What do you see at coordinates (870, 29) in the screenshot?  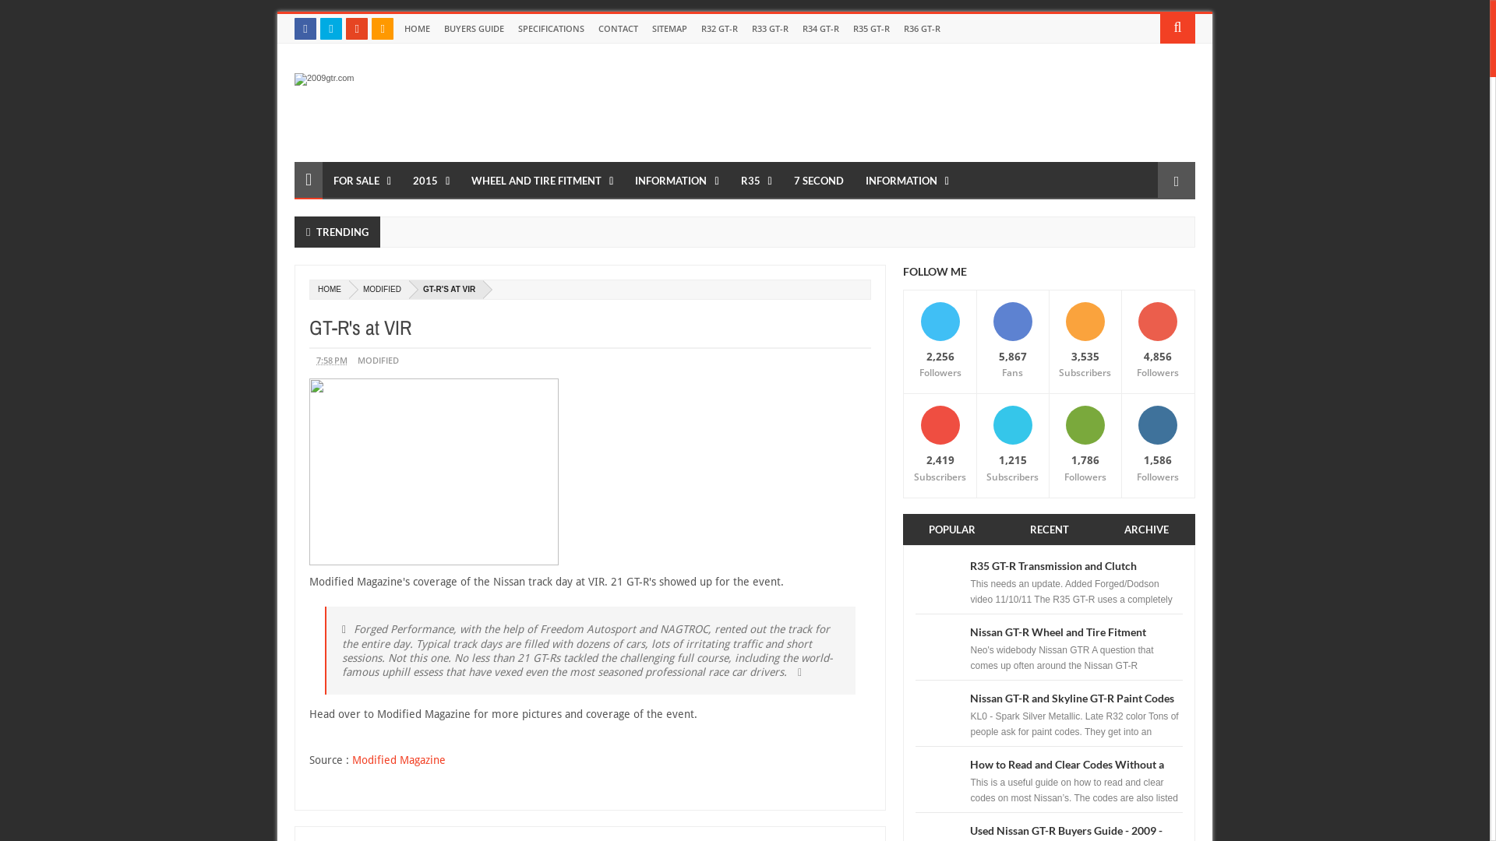 I see `'R35 GT-R'` at bounding box center [870, 29].